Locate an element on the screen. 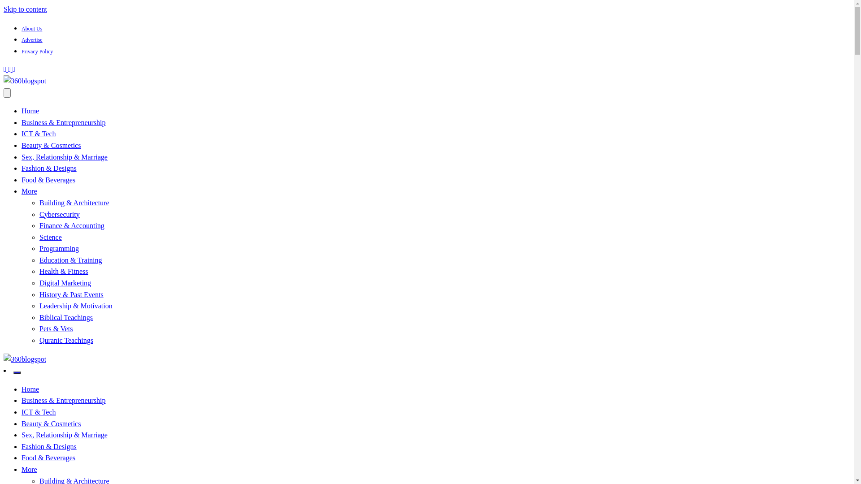  'Skip to content' is located at coordinates (25, 9).